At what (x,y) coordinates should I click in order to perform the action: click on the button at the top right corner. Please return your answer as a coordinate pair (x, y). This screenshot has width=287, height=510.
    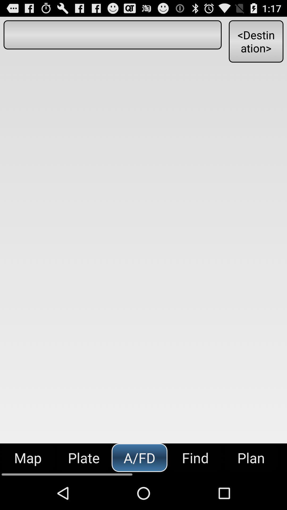
    Looking at the image, I should click on (256, 41).